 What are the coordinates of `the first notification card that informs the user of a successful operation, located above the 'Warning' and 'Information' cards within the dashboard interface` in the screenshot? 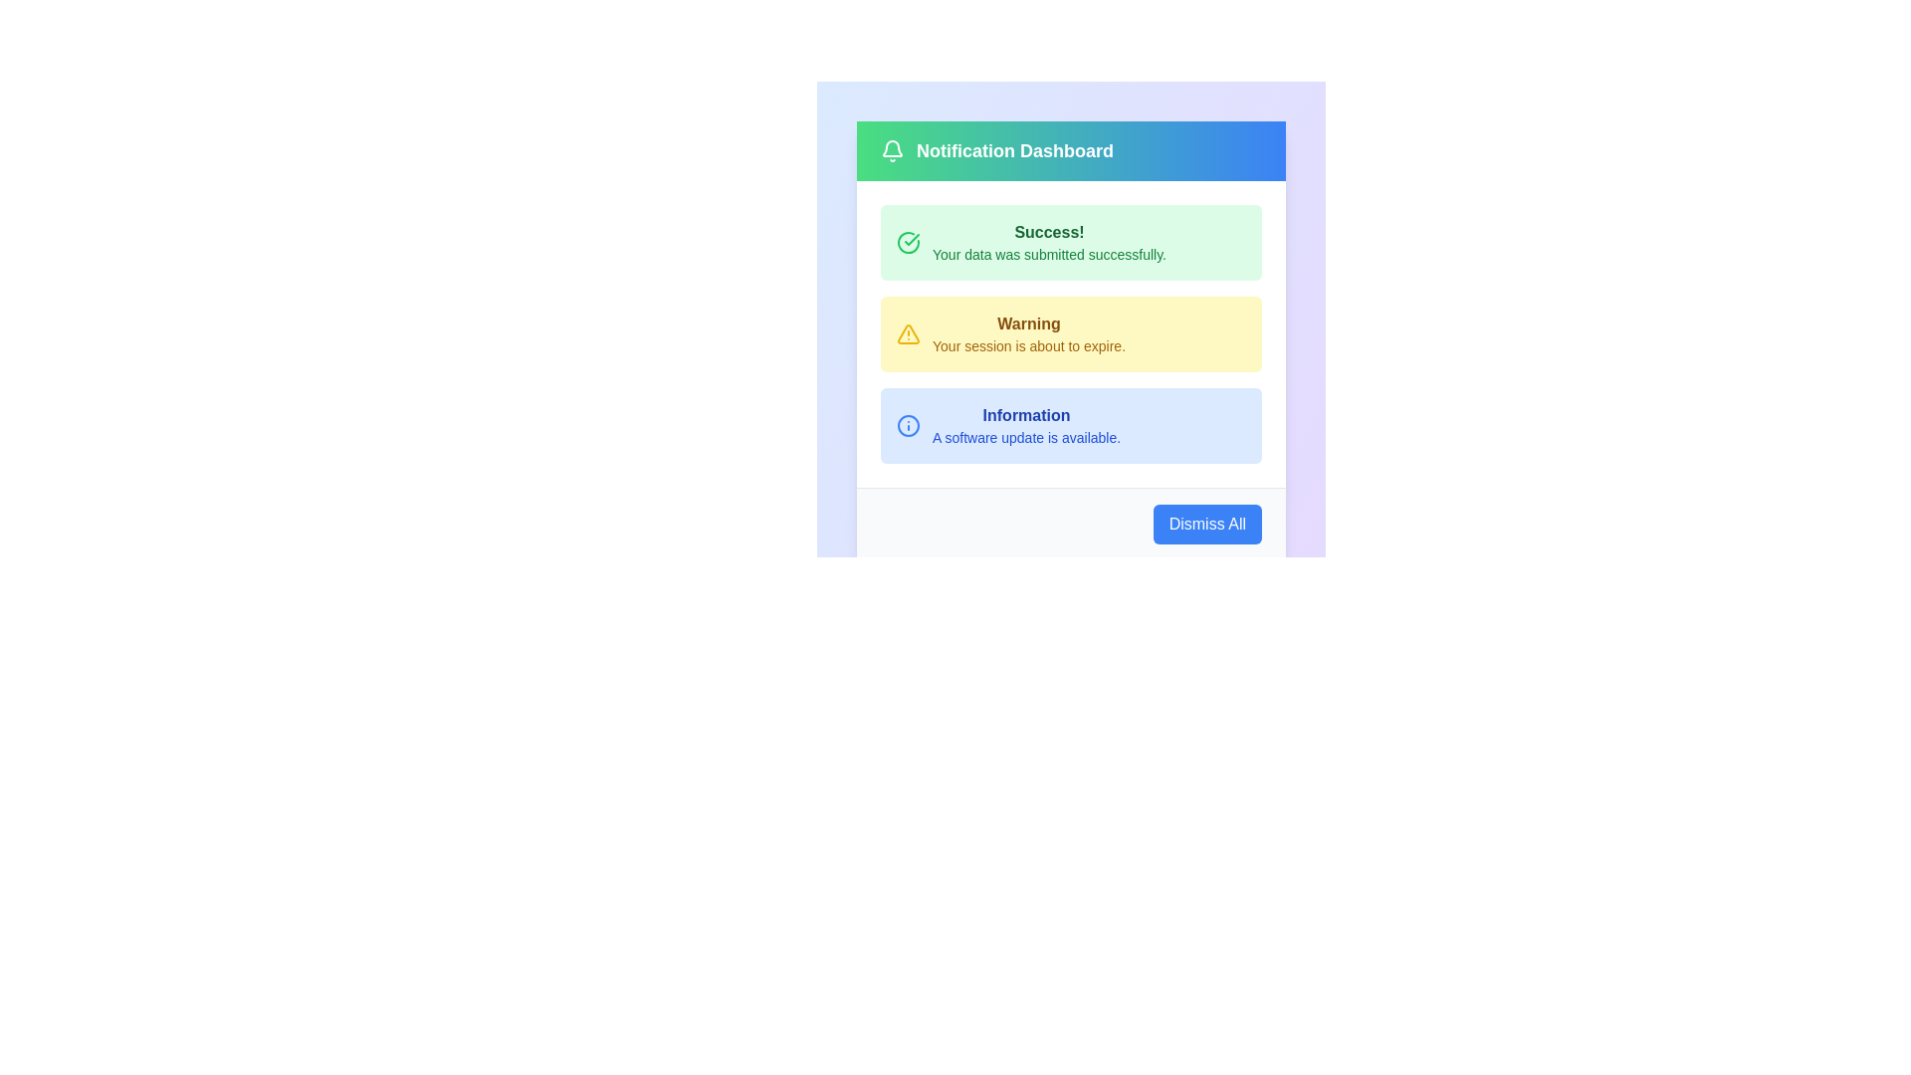 It's located at (1070, 241).